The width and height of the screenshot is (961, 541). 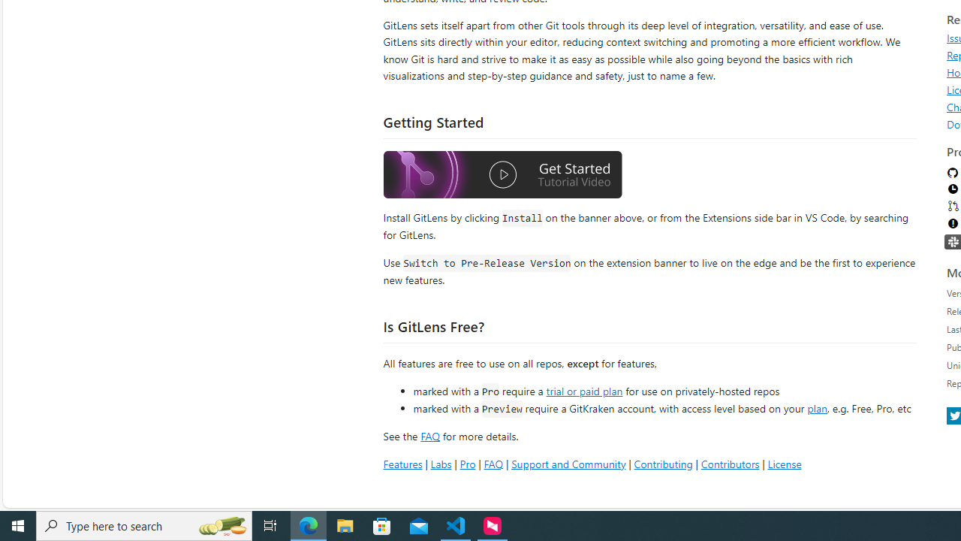 I want to click on 'Support and Community', so click(x=568, y=463).